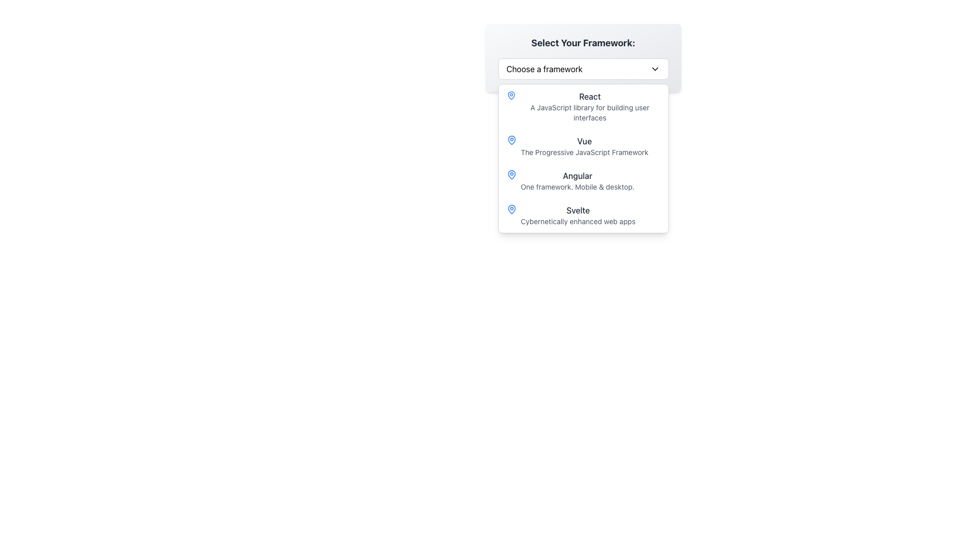 Image resolution: width=976 pixels, height=549 pixels. I want to click on the Angular framework icon in the dropdown menu, located immediately to the left of the 'Angular' label, so click(511, 174).